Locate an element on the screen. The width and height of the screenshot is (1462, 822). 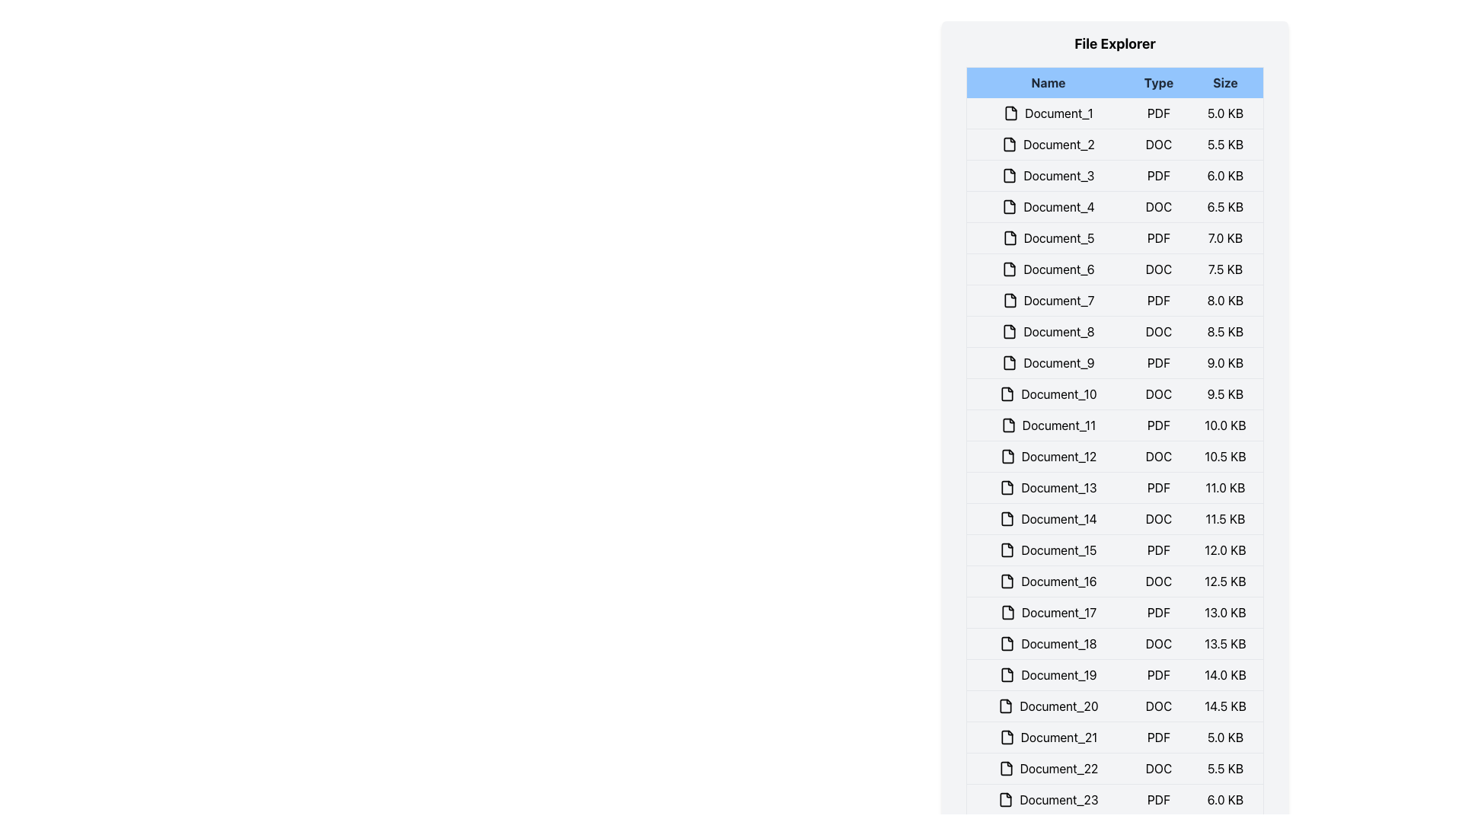
the text label displaying 'Document_5' in the file explorer is located at coordinates (1048, 237).